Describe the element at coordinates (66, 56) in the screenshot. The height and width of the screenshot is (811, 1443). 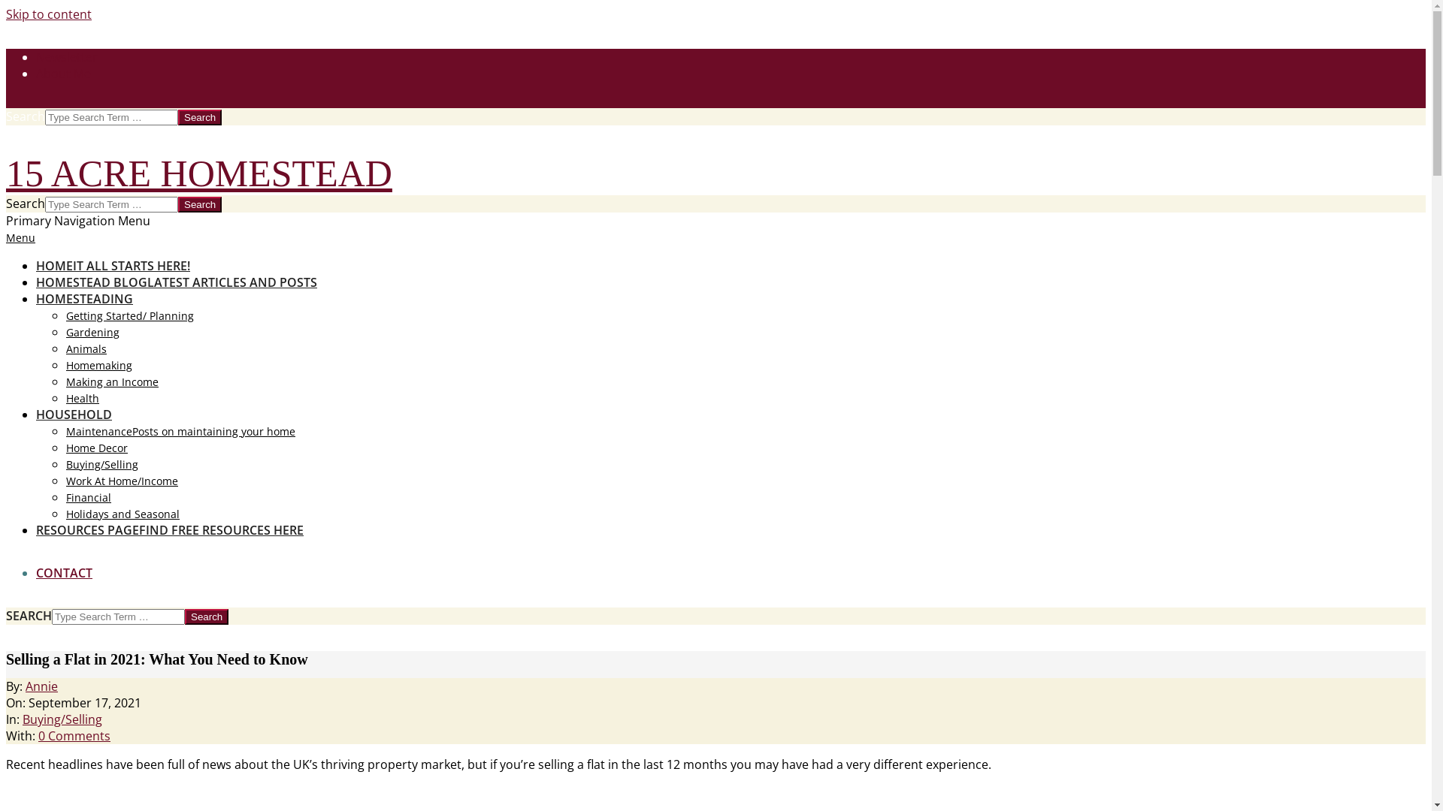
I see `'Newsletter'` at that location.